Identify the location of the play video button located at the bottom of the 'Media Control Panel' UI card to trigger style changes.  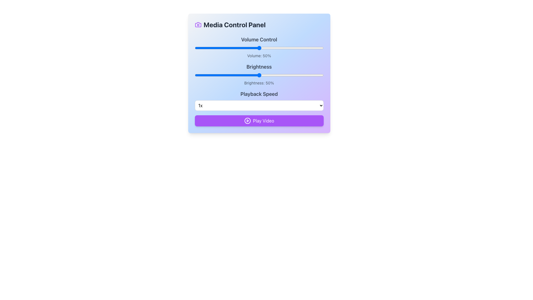
(259, 121).